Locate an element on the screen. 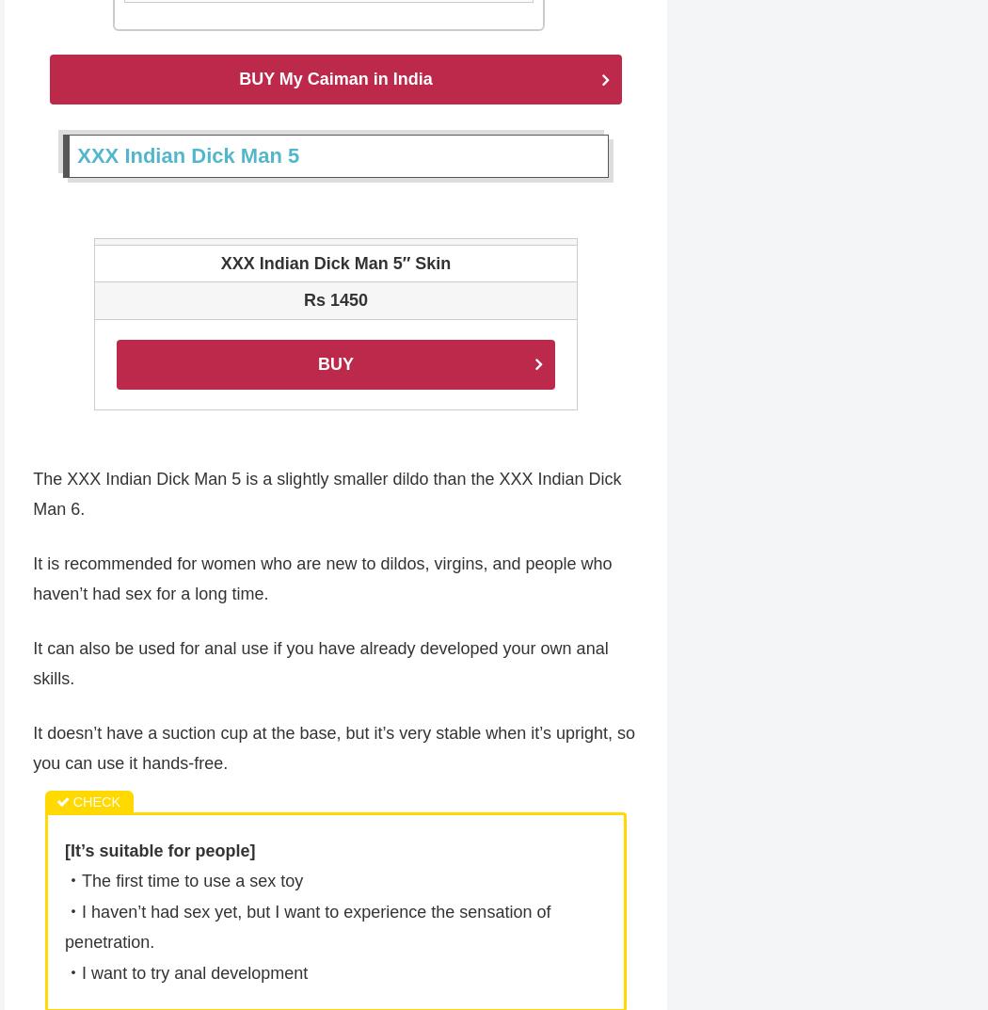  'XXX Indian Dick Man 5″ Skin' is located at coordinates (334, 264).